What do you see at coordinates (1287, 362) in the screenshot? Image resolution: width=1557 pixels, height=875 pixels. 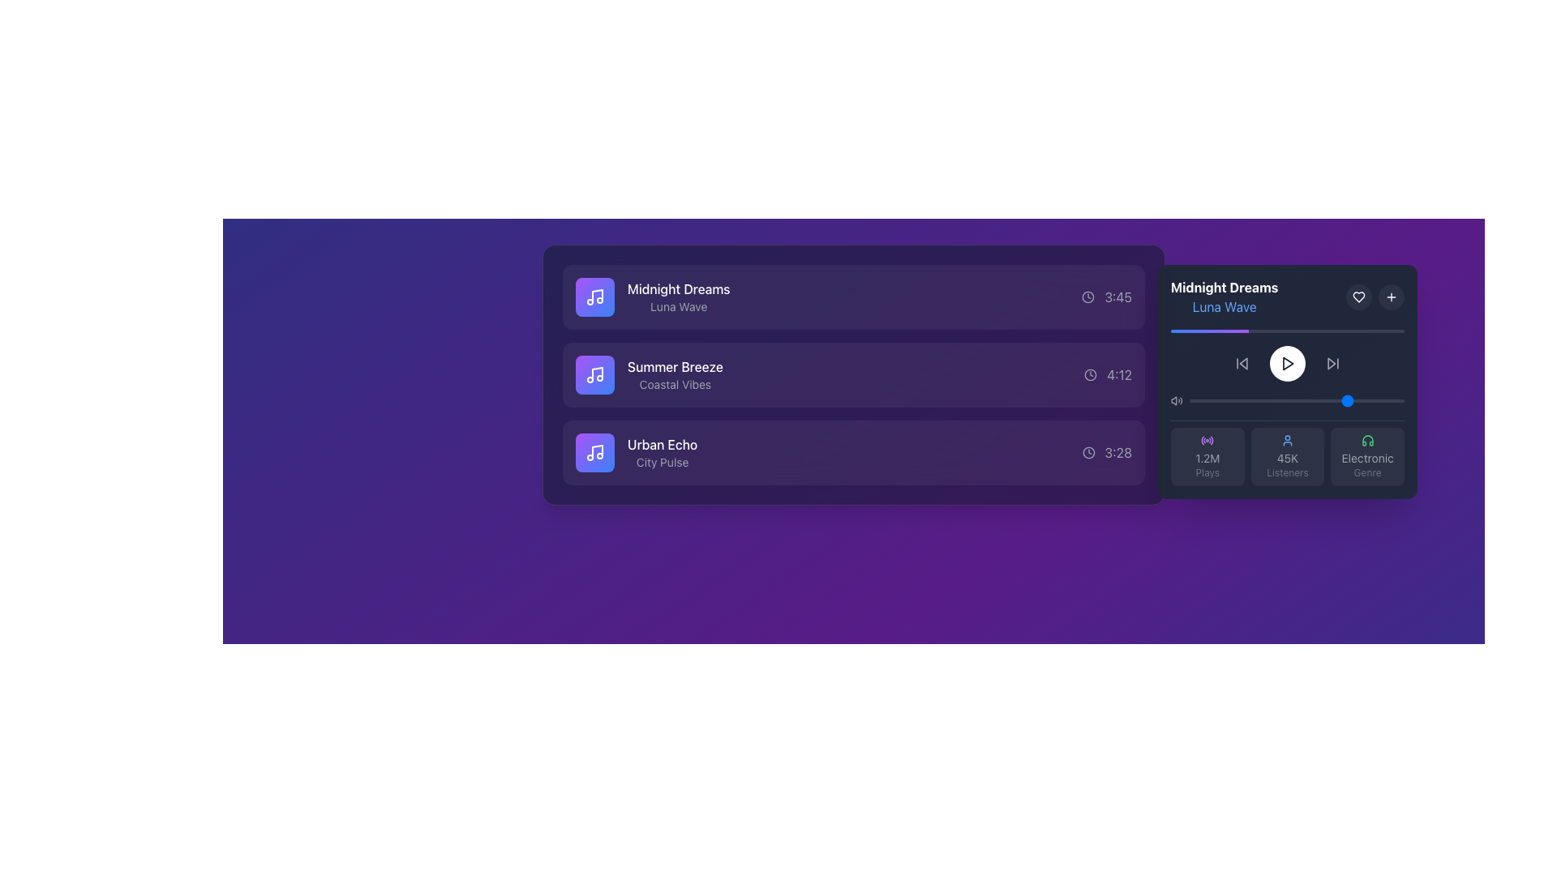 I see `the SVG Play Button located centrally within the music player interface` at bounding box center [1287, 362].